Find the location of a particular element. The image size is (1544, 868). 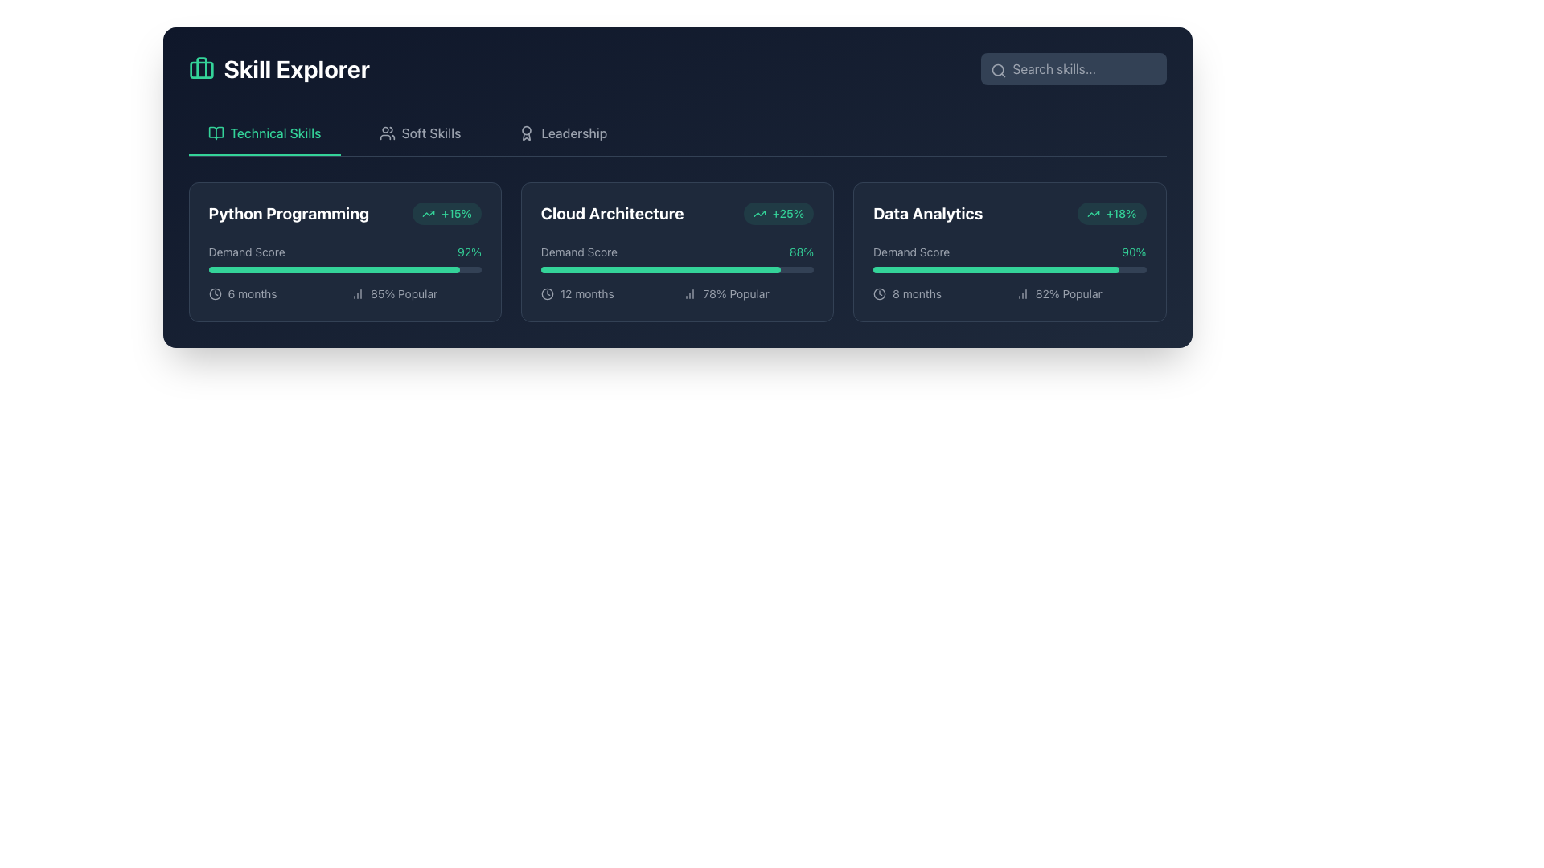

informational label displaying '82% Popular' which is accompanied by a bar chart icon, located at the bottom-right corner of the 'Data Analytics' card in the 'Technical Skills' section is located at coordinates (1081, 294).